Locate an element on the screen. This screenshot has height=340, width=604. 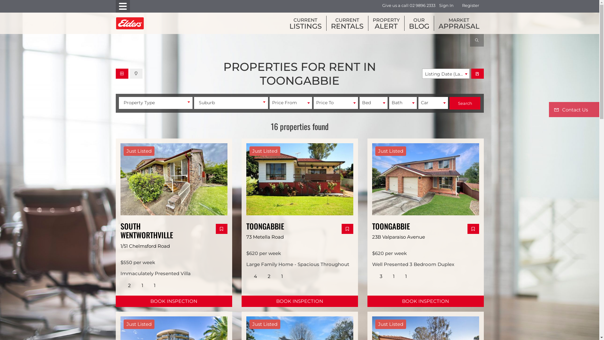
'BOOK INSPECTION' is located at coordinates (174, 301).